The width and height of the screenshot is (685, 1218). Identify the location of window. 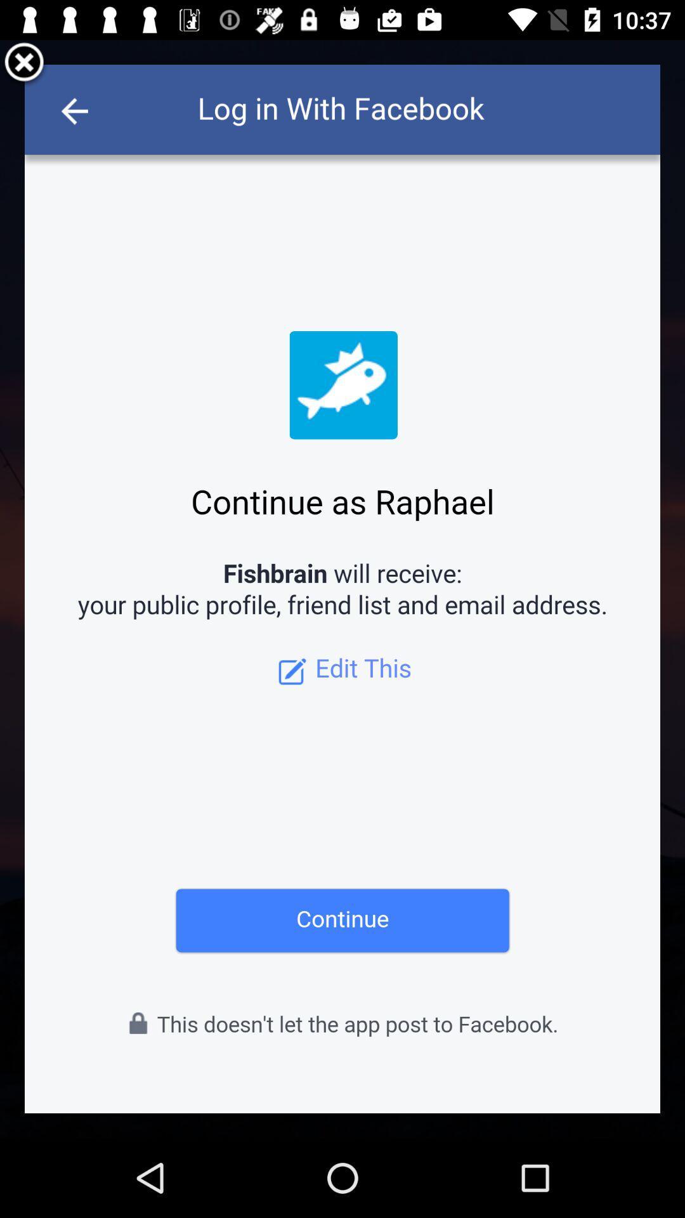
(24, 63).